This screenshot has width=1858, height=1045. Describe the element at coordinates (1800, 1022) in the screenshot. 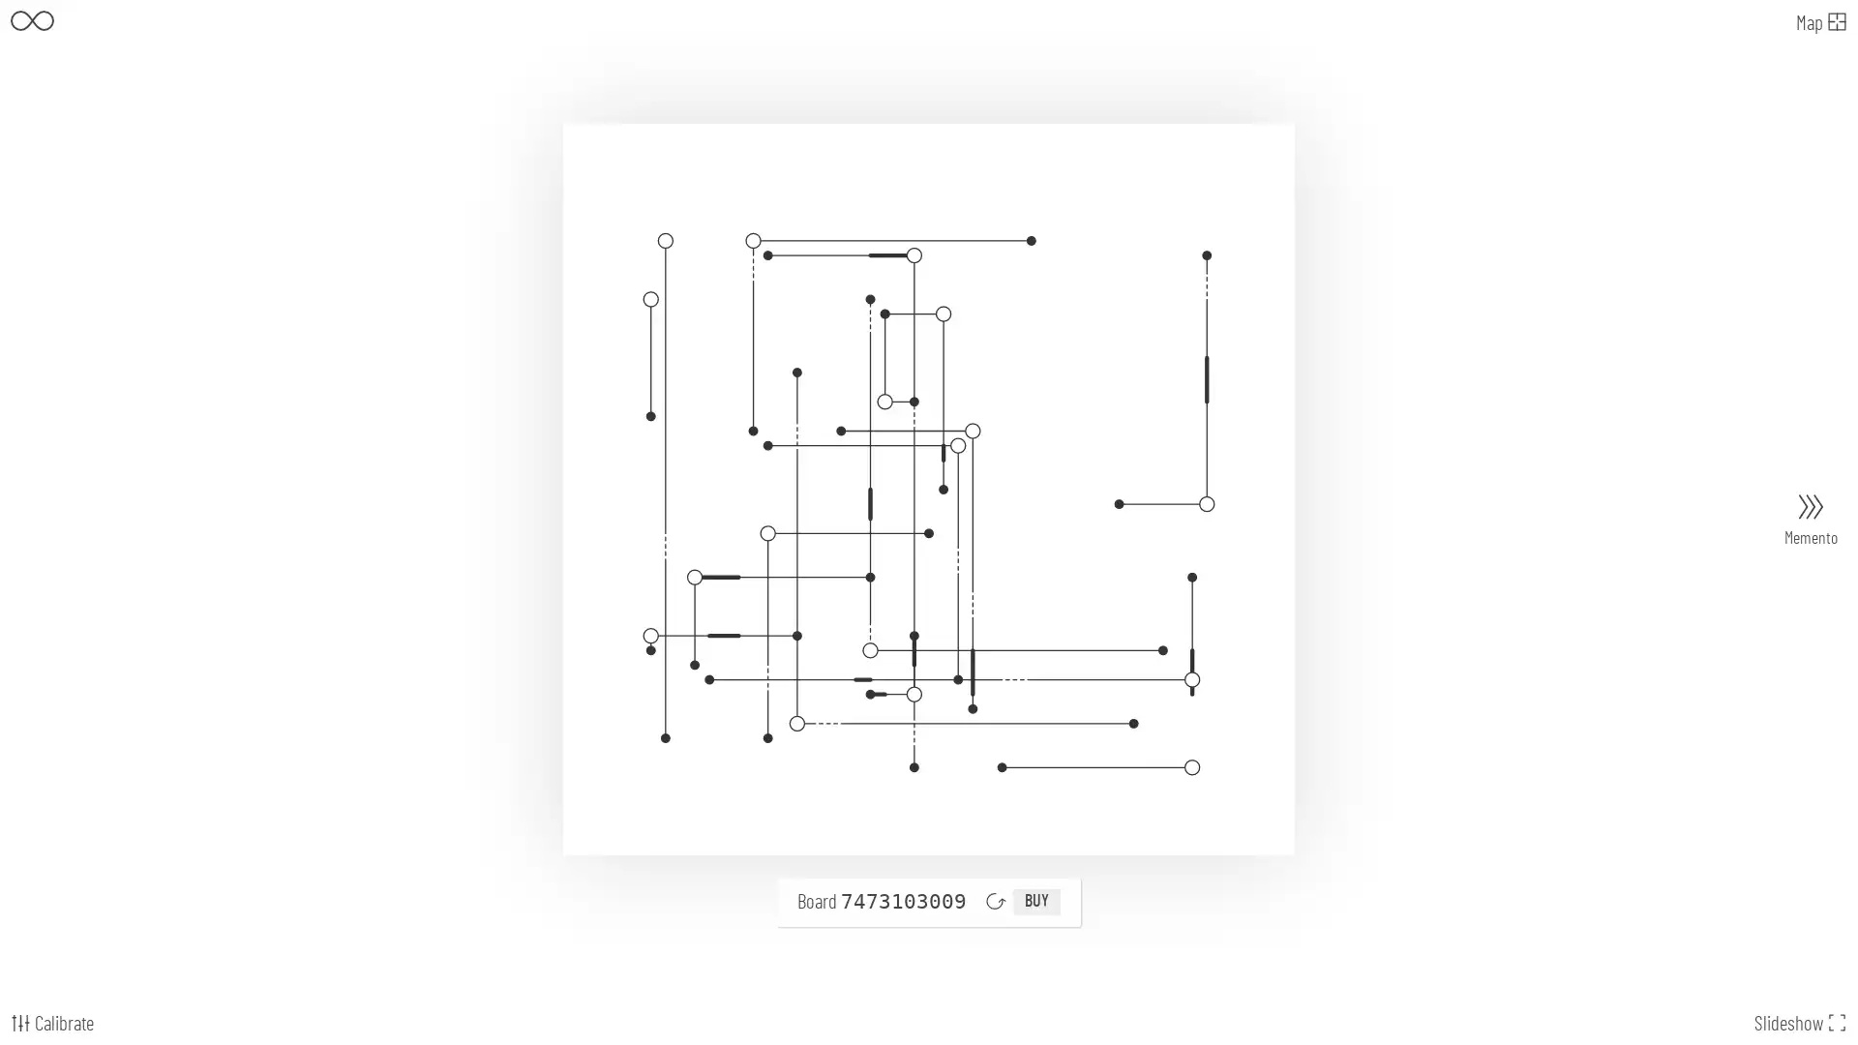

I see `Slideshow` at that location.